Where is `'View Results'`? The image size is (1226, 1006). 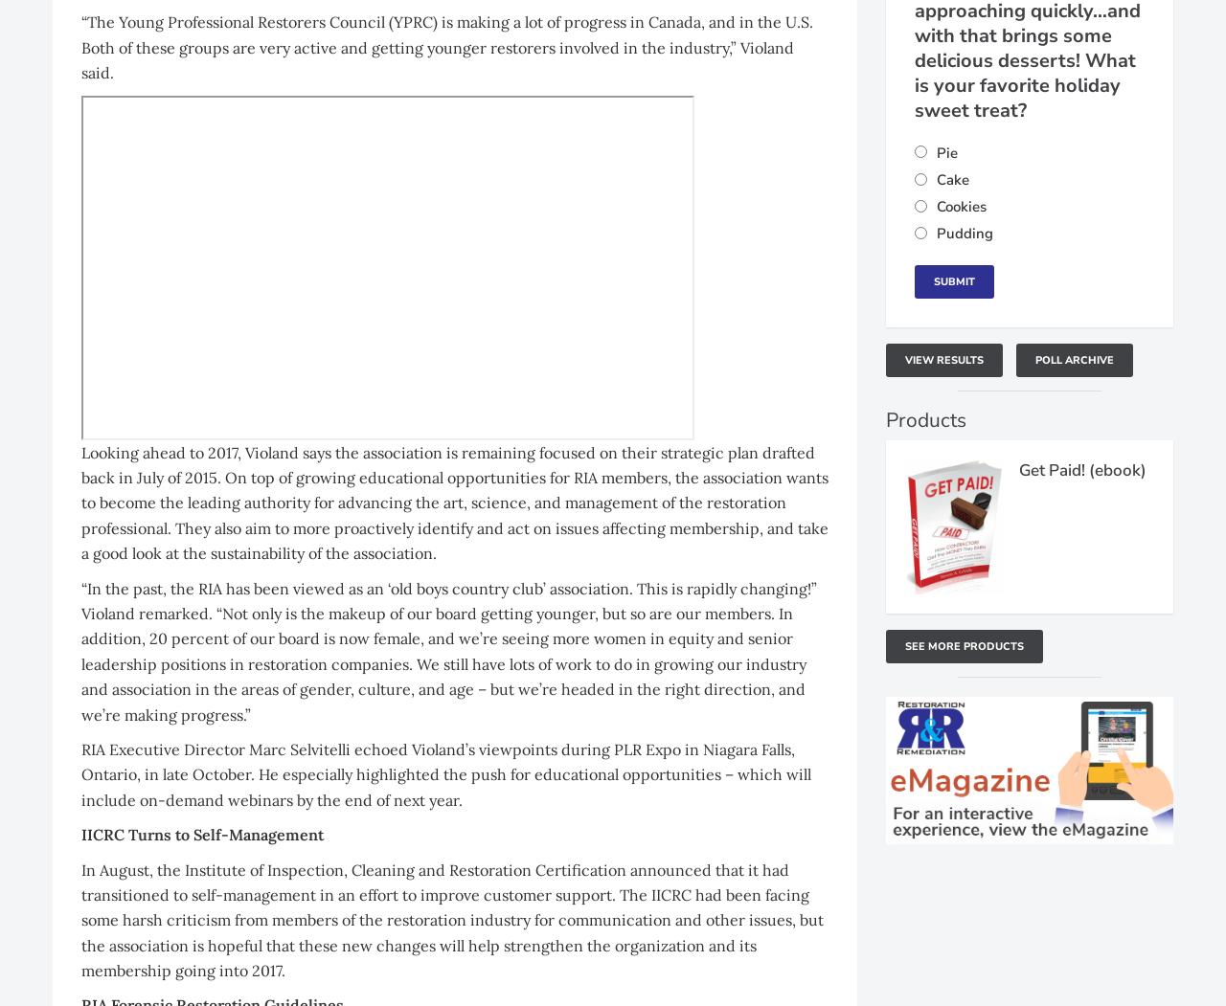
'View Results' is located at coordinates (943, 358).